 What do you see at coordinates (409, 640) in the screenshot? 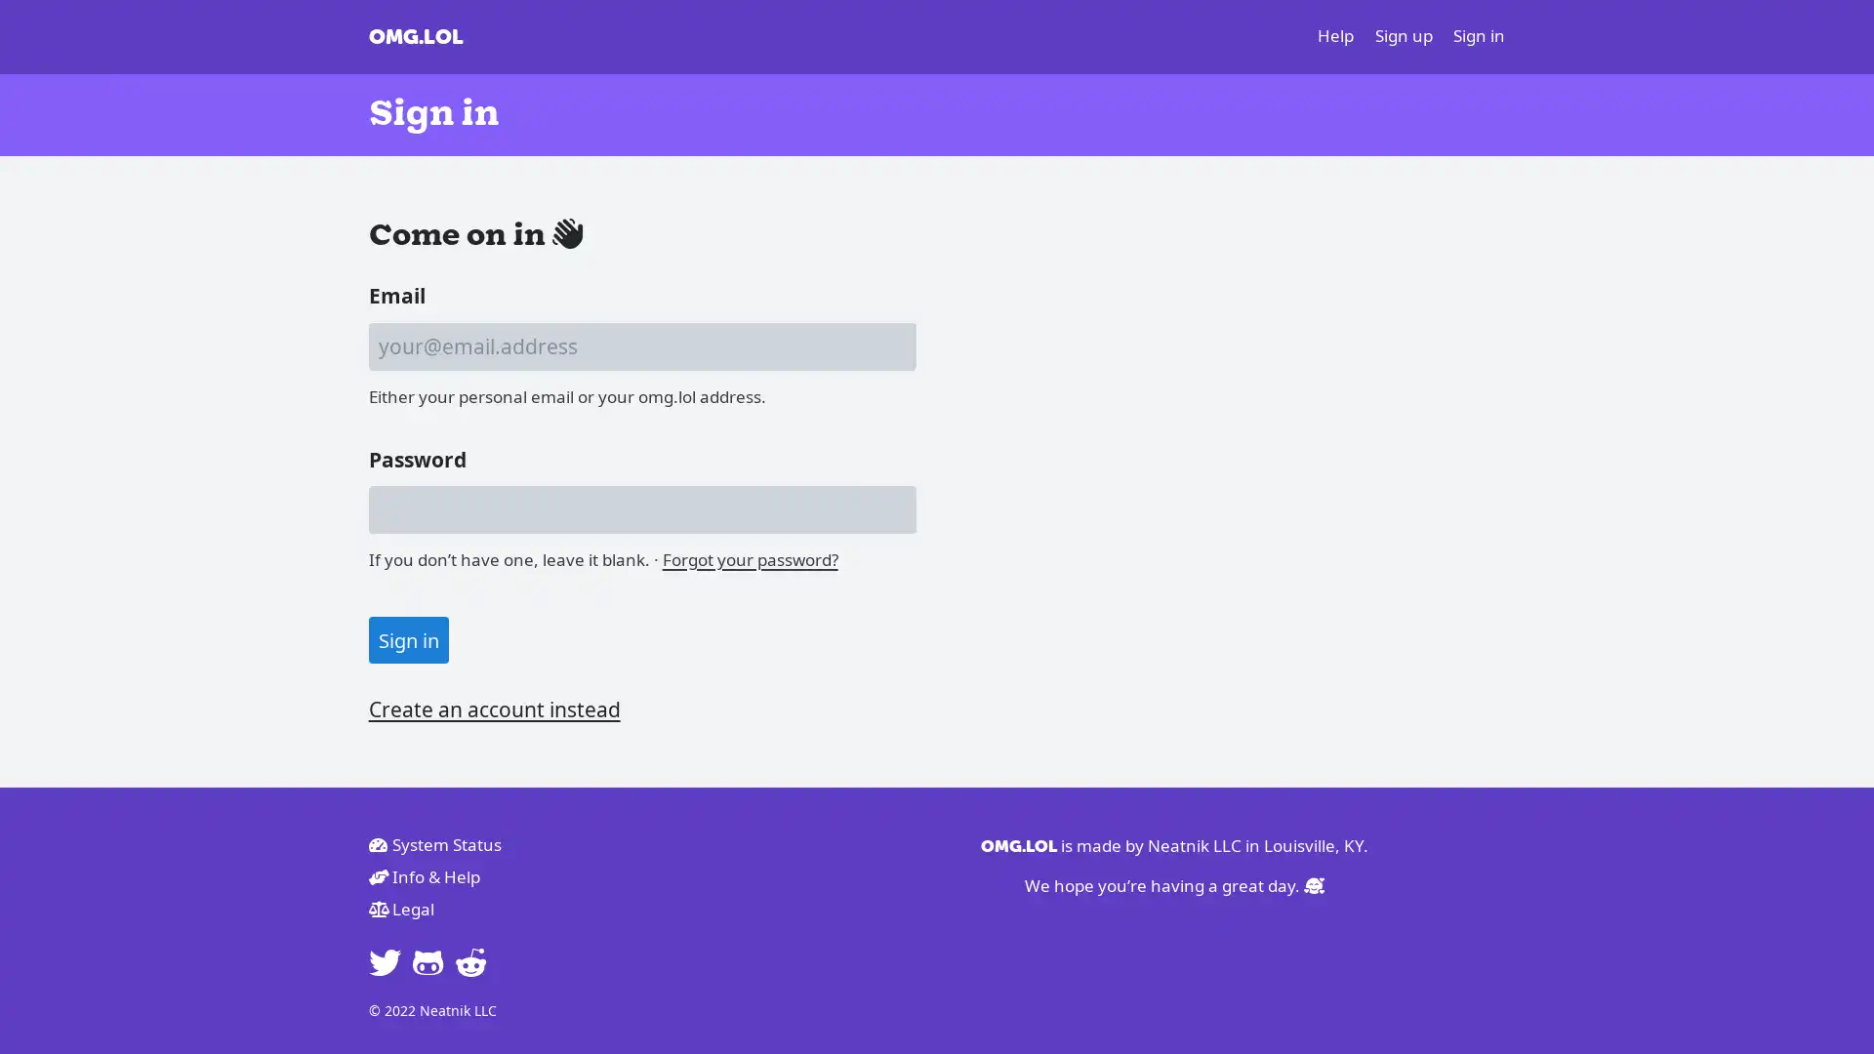
I see `Sign in` at bounding box center [409, 640].